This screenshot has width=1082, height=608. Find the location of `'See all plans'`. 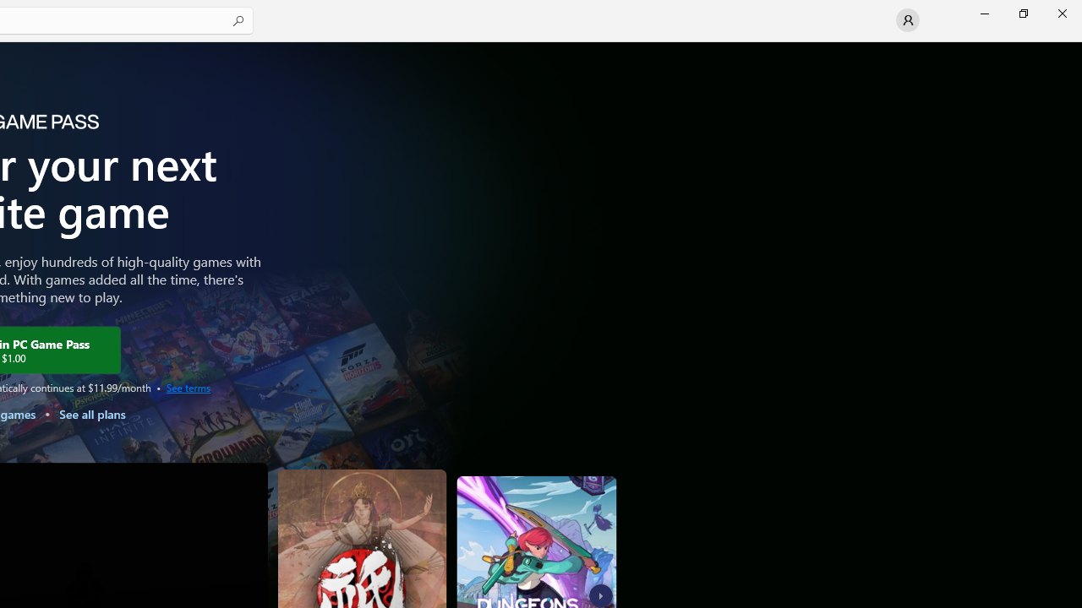

'See all plans' is located at coordinates (90, 414).